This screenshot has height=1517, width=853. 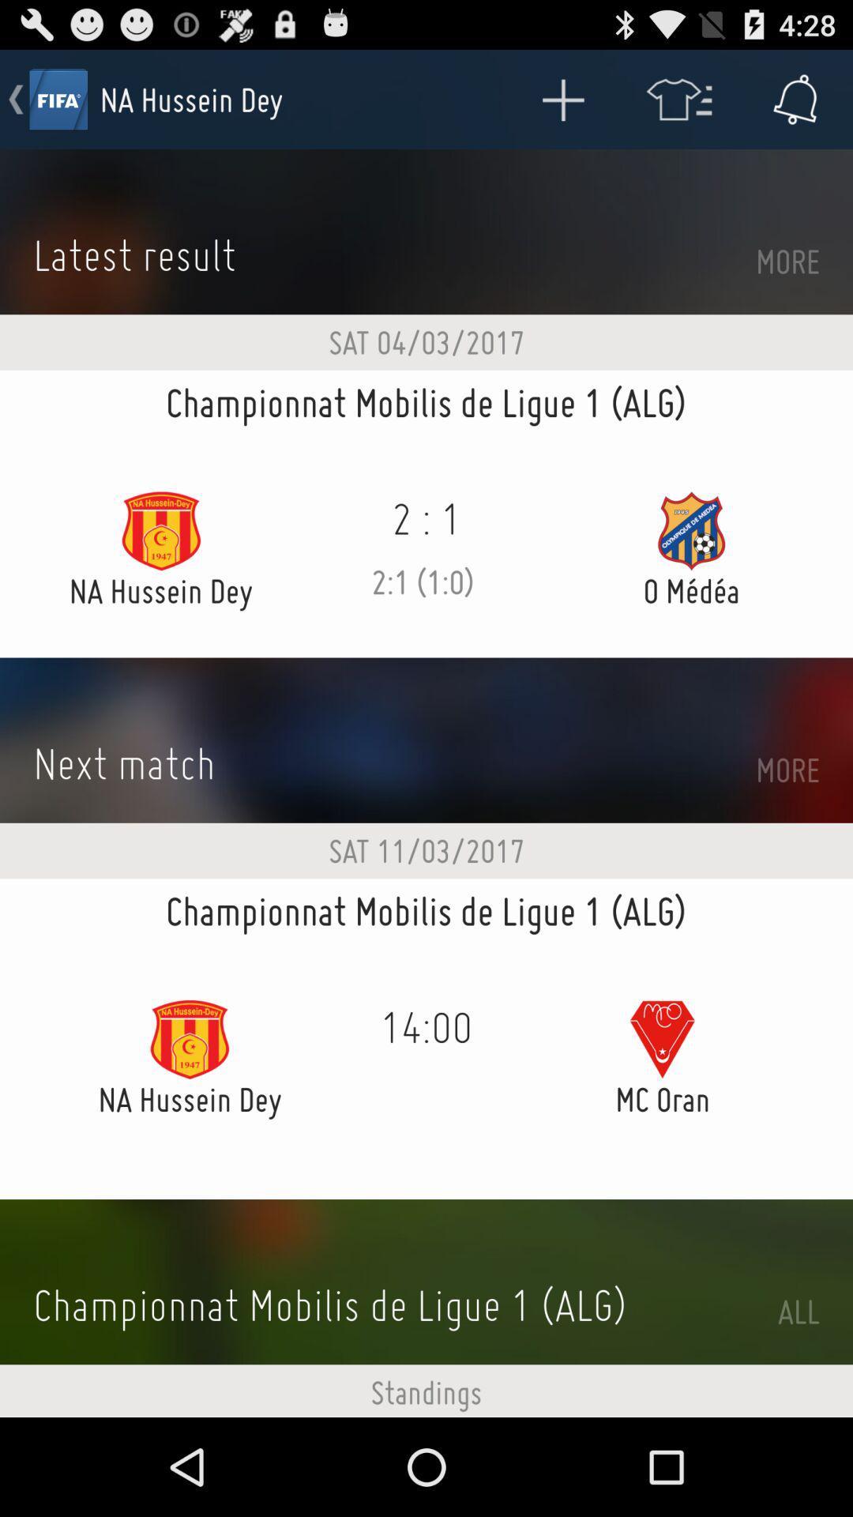 What do you see at coordinates (562, 98) in the screenshot?
I see `item next to na hussein dey app` at bounding box center [562, 98].